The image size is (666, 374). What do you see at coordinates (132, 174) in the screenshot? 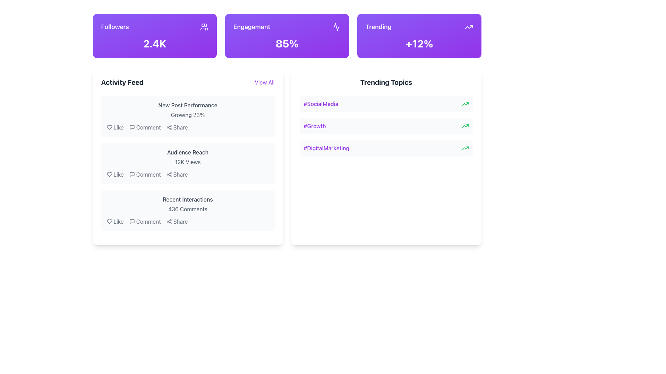
I see `the comment icon located to the left of the 'Comment' text` at bounding box center [132, 174].